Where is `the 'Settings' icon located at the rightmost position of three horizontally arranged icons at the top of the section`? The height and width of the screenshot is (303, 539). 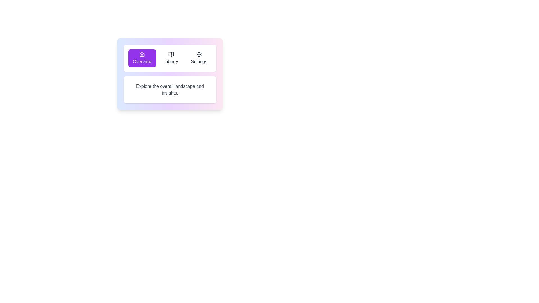
the 'Settings' icon located at the rightmost position of three horizontally arranged icons at the top of the section is located at coordinates (199, 54).